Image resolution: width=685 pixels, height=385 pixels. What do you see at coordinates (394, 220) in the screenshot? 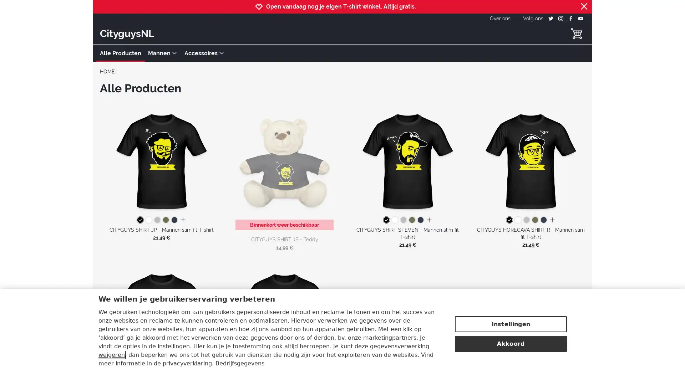
I see `white` at bounding box center [394, 220].